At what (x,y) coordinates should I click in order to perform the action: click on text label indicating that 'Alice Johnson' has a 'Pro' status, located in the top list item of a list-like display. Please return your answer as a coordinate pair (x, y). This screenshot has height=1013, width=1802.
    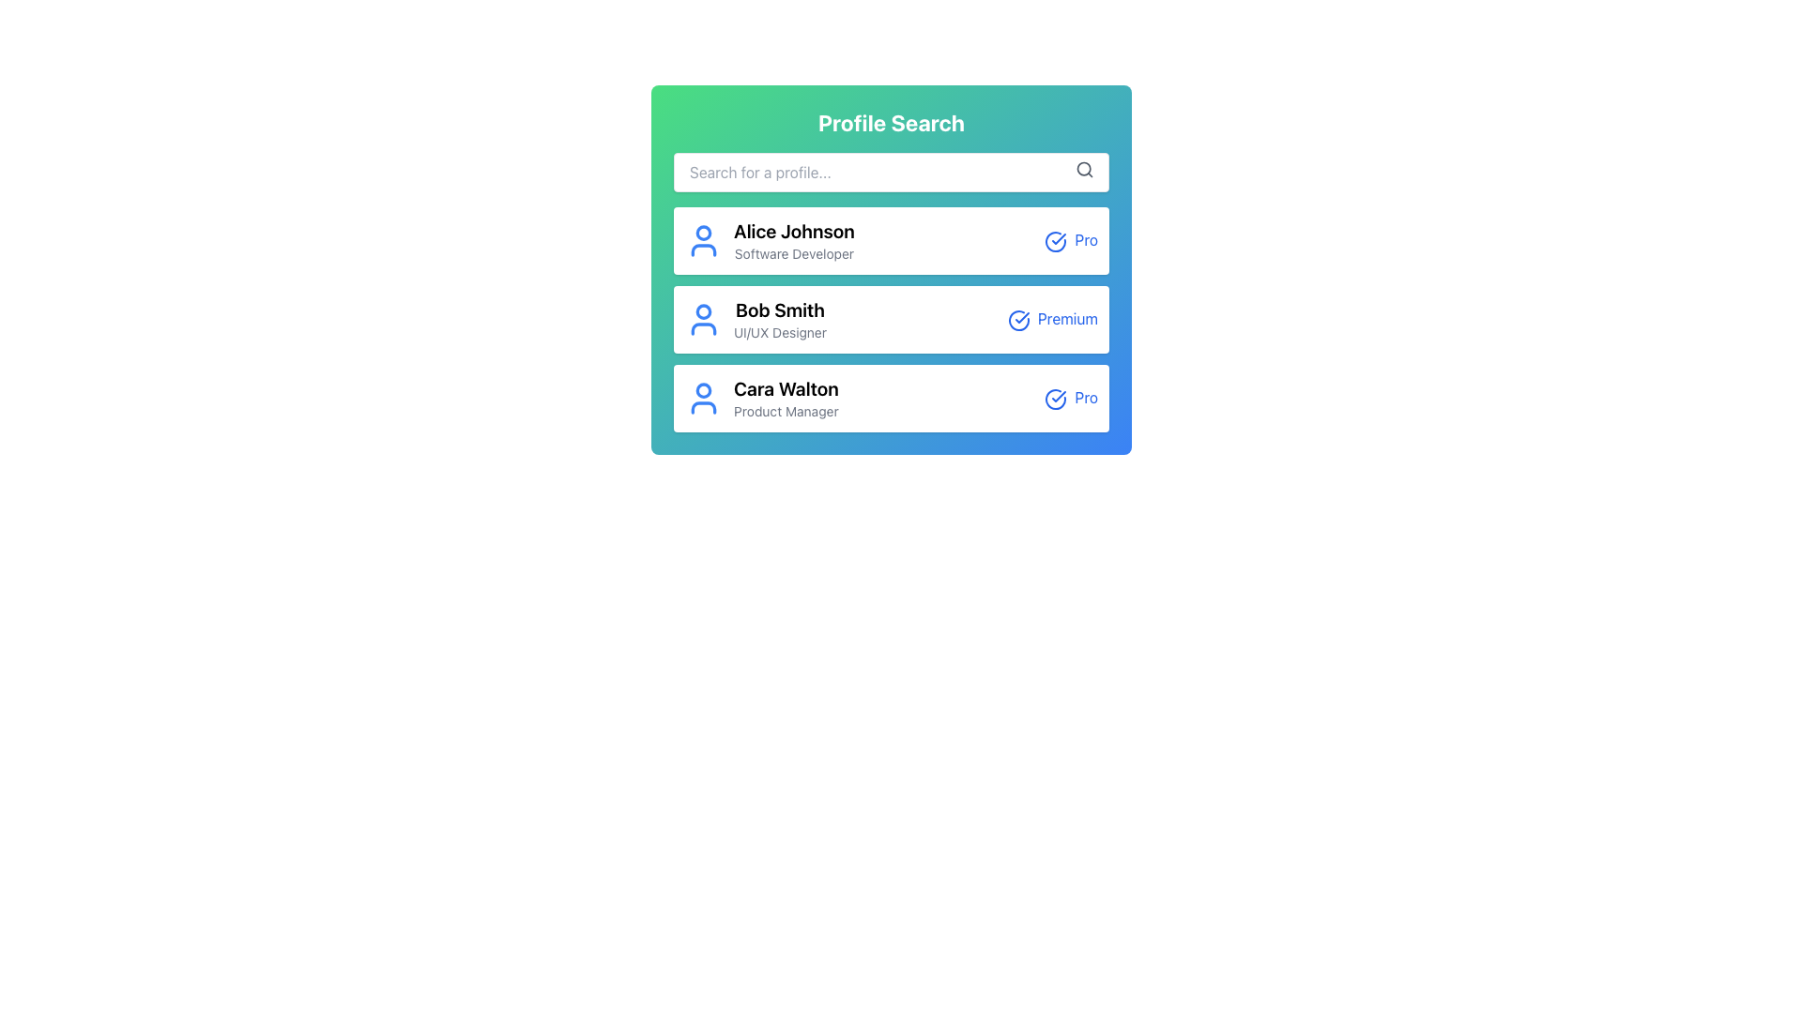
    Looking at the image, I should click on (1071, 240).